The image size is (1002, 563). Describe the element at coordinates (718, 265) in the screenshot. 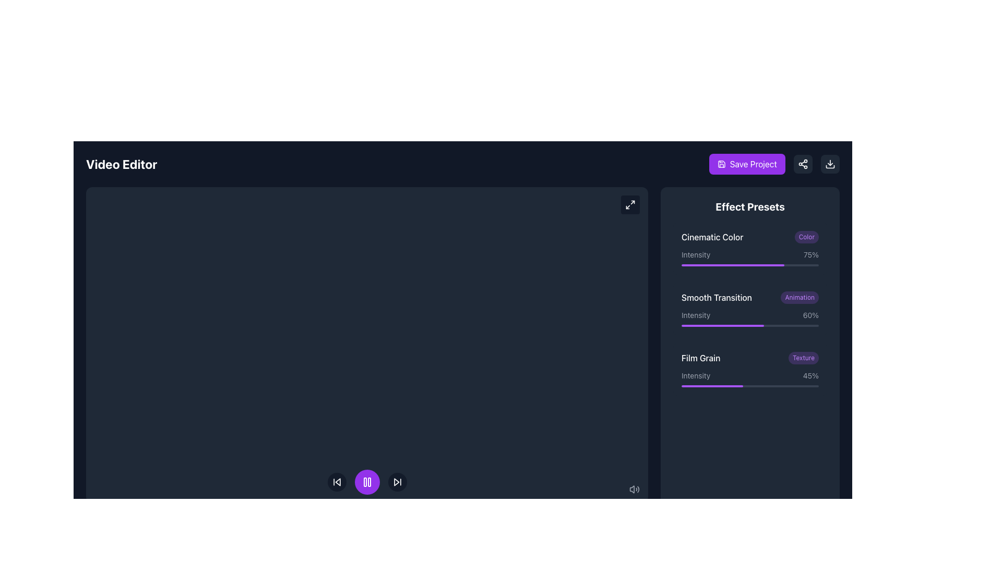

I see `Cinematic Color Intensity` at that location.